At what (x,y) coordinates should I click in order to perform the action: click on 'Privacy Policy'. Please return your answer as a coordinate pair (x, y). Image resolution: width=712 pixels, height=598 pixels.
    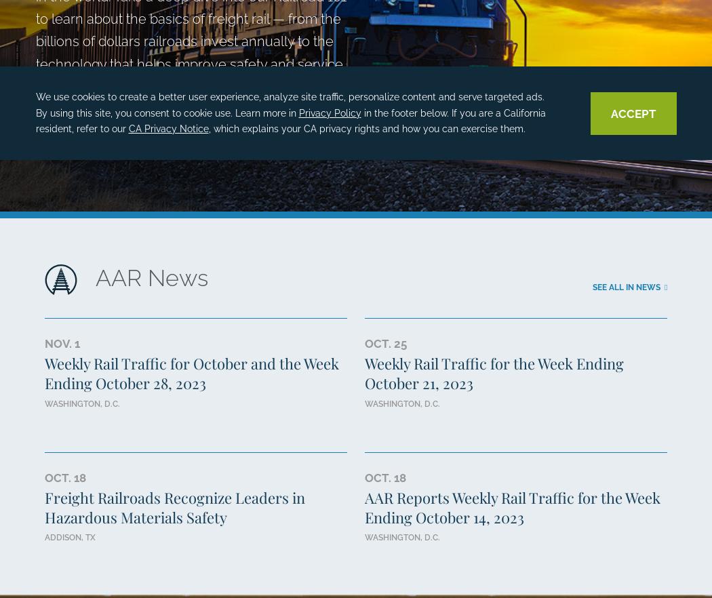
    Looking at the image, I should click on (330, 111).